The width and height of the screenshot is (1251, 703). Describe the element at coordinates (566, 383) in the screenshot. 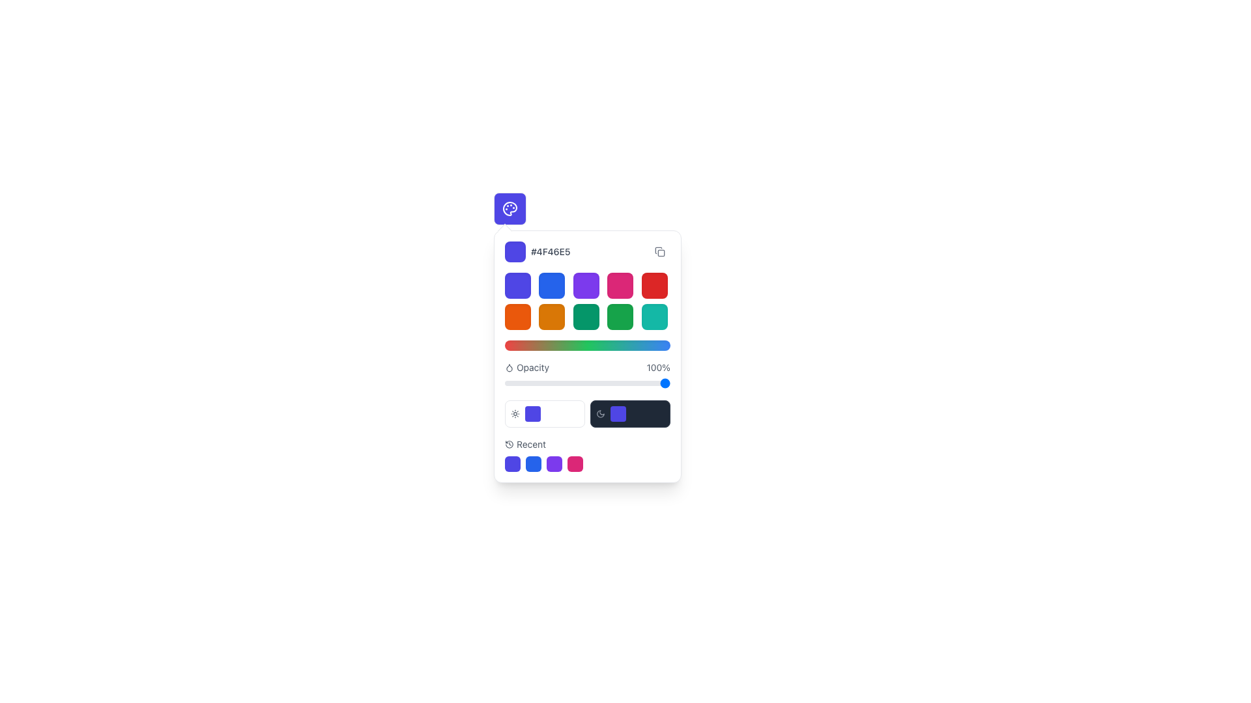

I see `opacity` at that location.